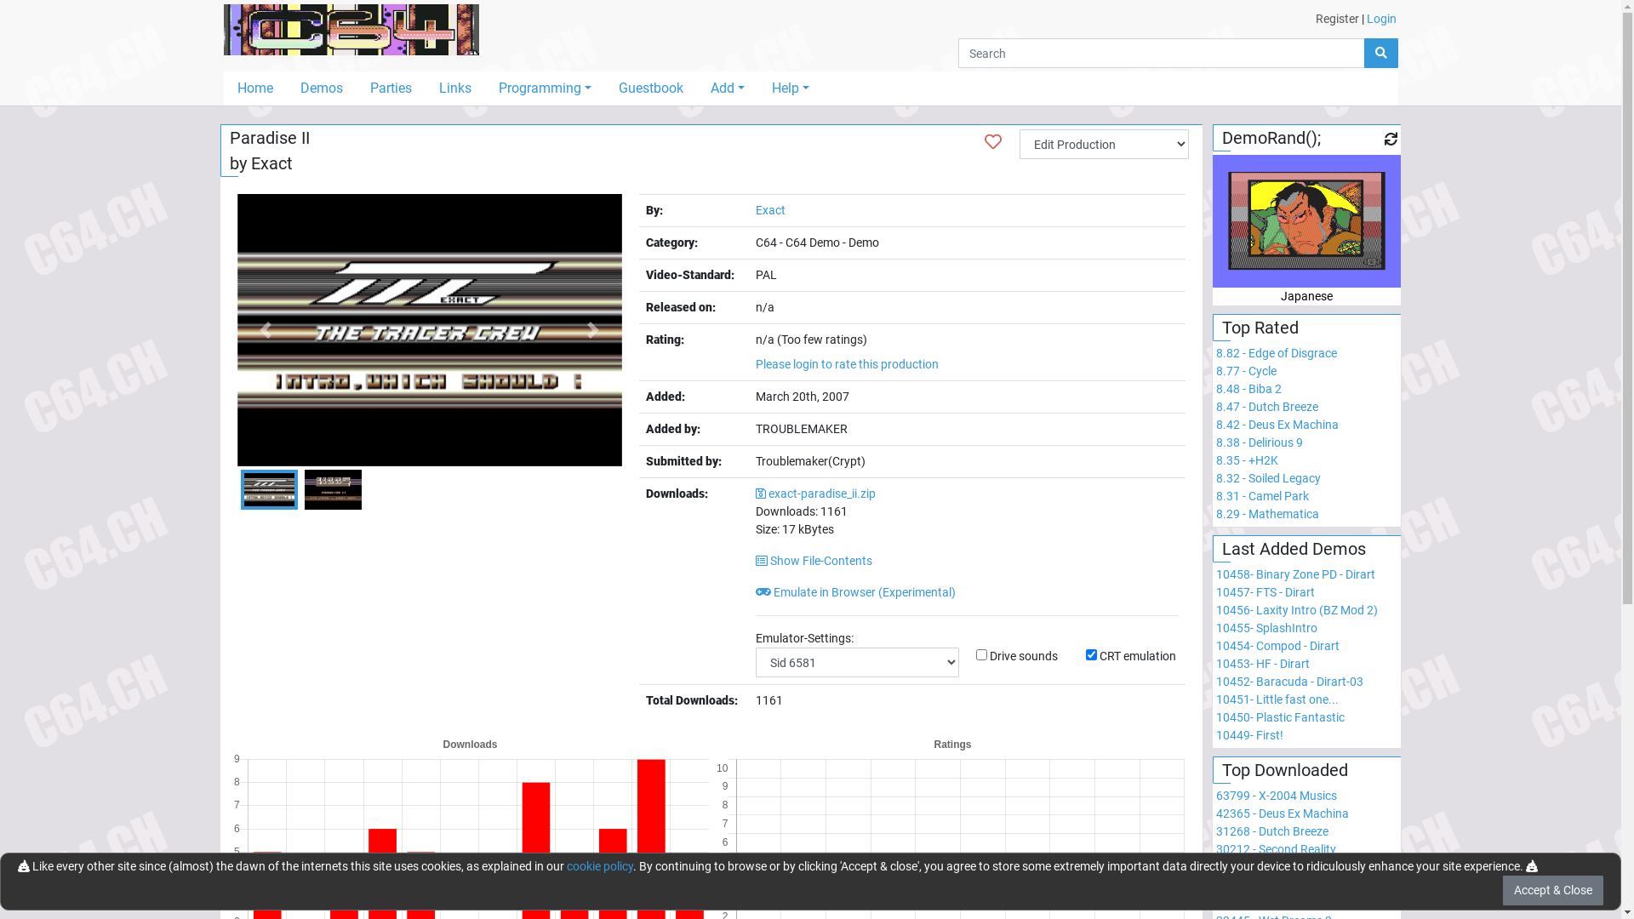  What do you see at coordinates (1249, 734) in the screenshot?
I see `'10449- First!'` at bounding box center [1249, 734].